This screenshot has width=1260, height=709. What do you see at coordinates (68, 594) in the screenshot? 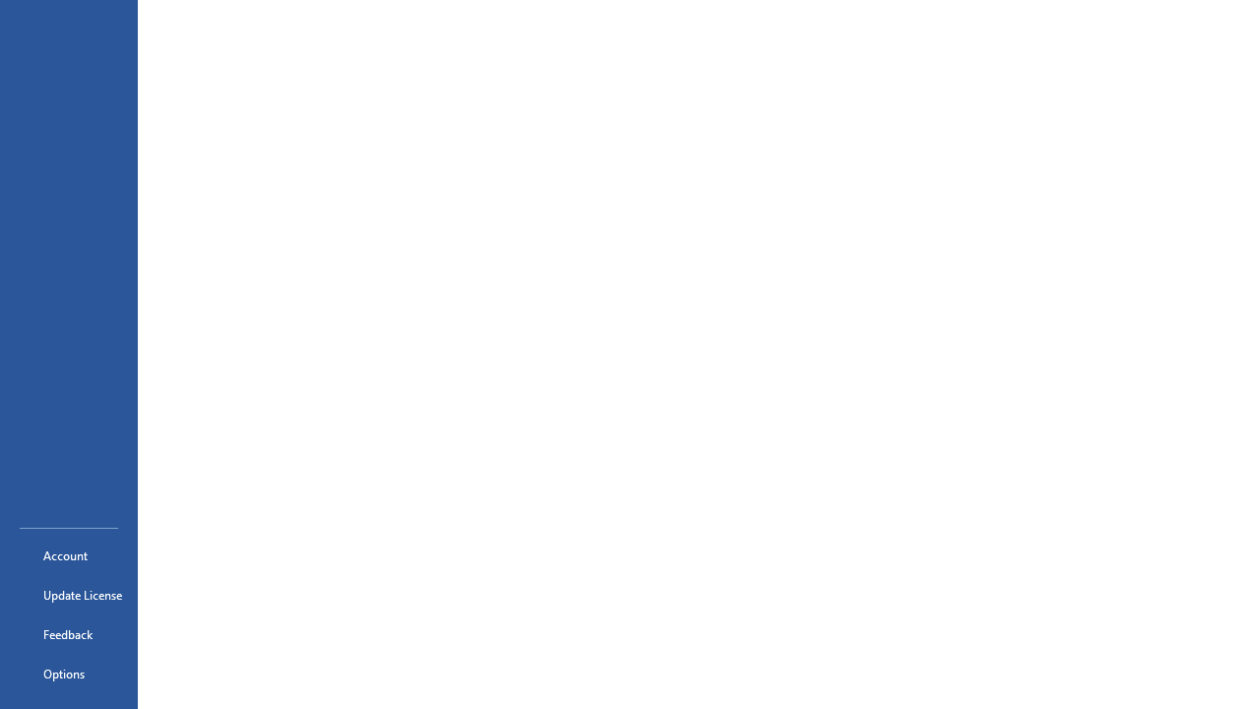
I see `'Update License'` at bounding box center [68, 594].